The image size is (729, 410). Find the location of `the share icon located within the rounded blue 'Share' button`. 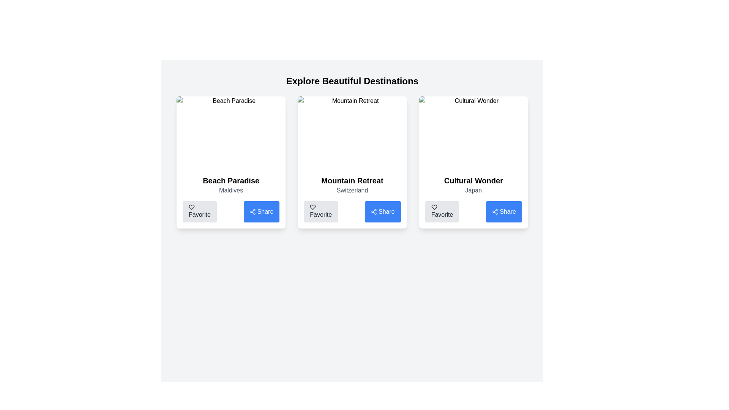

the share icon located within the rounded blue 'Share' button is located at coordinates (374, 212).